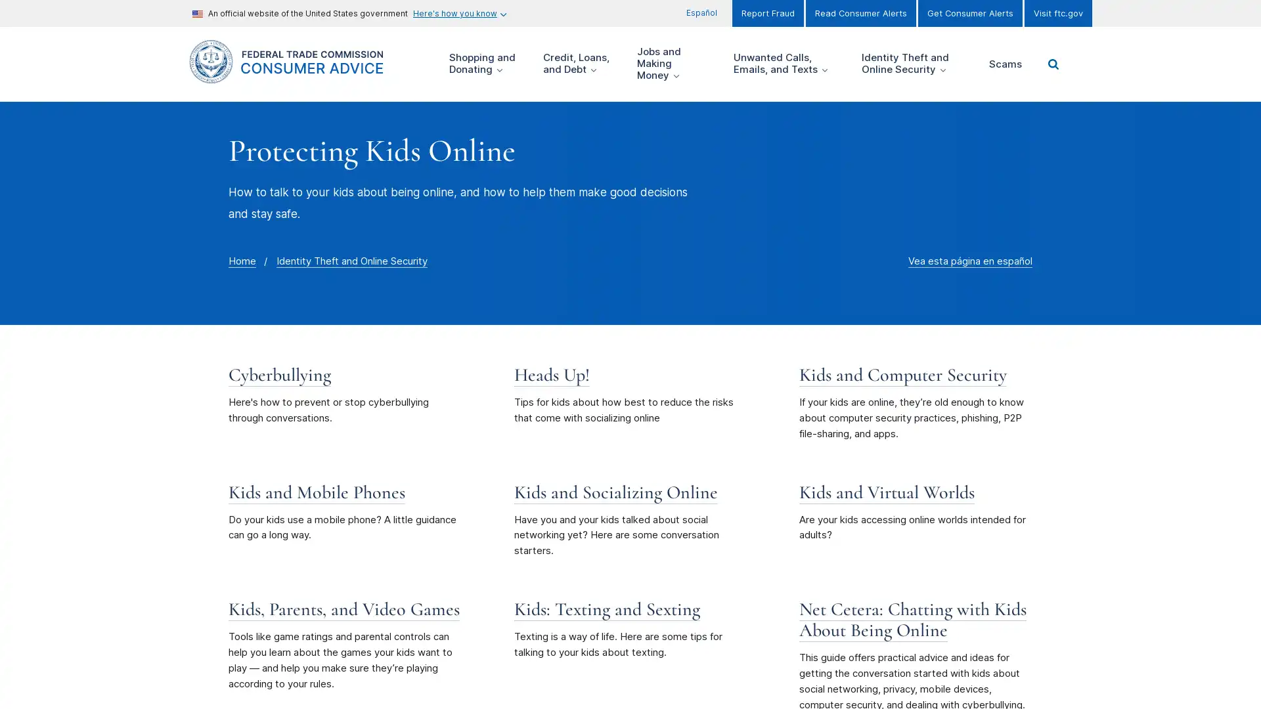  Describe the element at coordinates (459, 13) in the screenshot. I see `Here's how you know` at that location.